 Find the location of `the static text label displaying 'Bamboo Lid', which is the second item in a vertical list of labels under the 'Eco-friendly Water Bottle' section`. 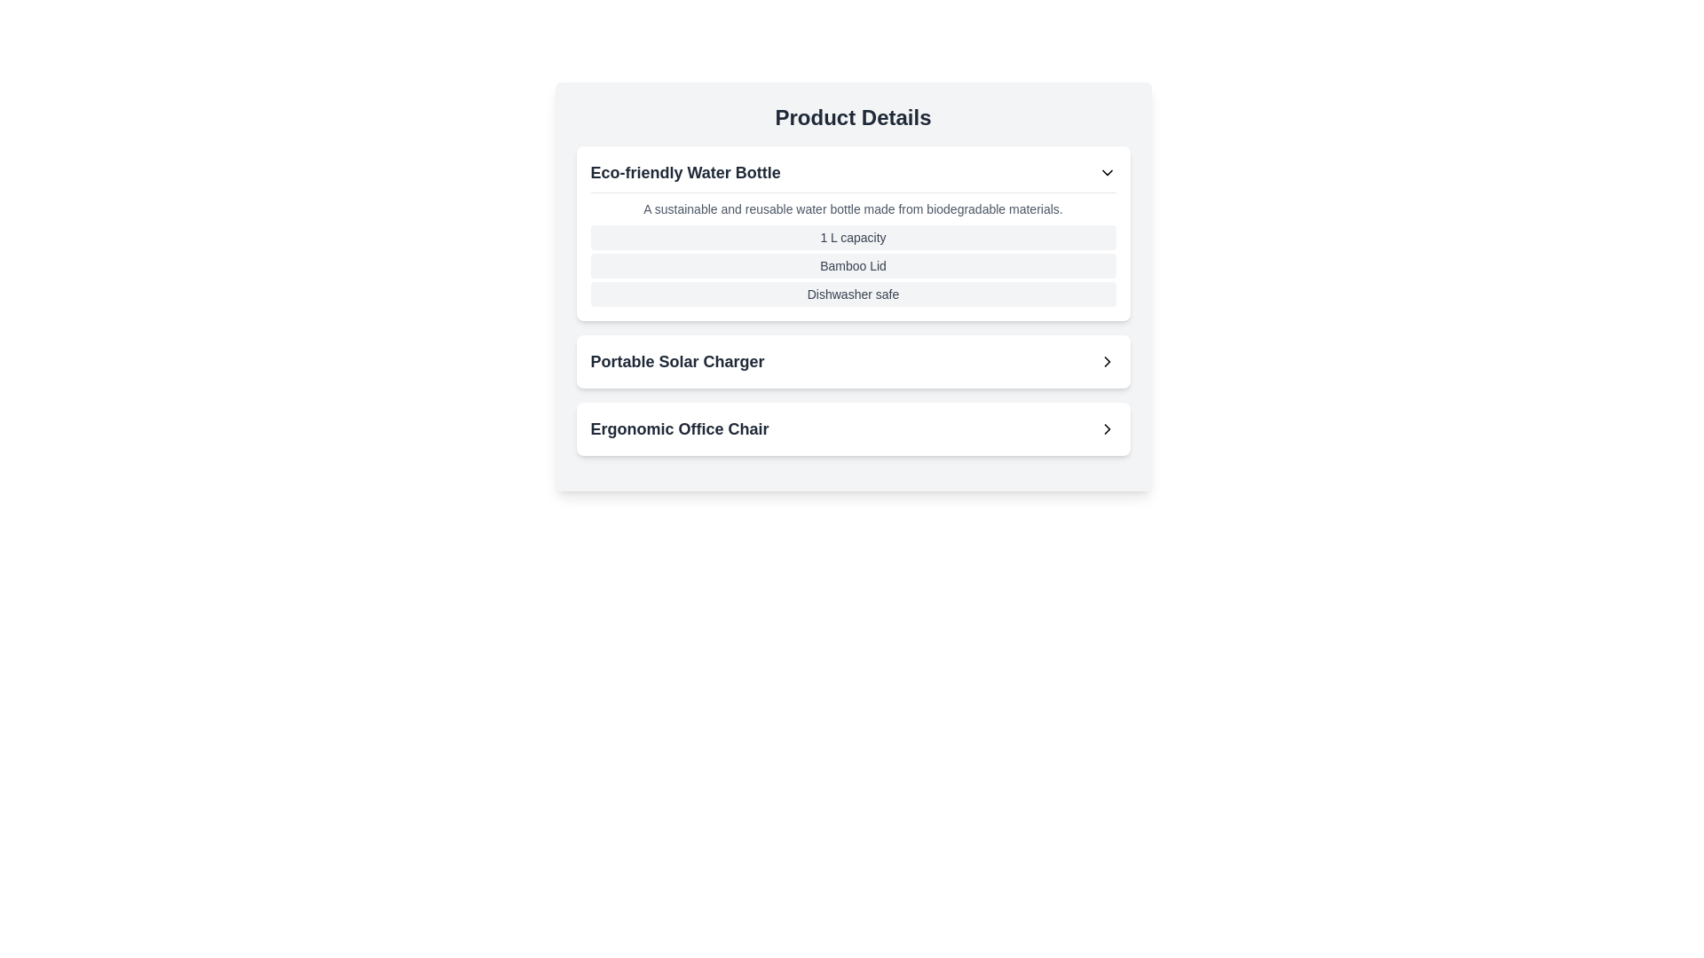

the static text label displaying 'Bamboo Lid', which is the second item in a vertical list of labels under the 'Eco-friendly Water Bottle' section is located at coordinates (853, 266).